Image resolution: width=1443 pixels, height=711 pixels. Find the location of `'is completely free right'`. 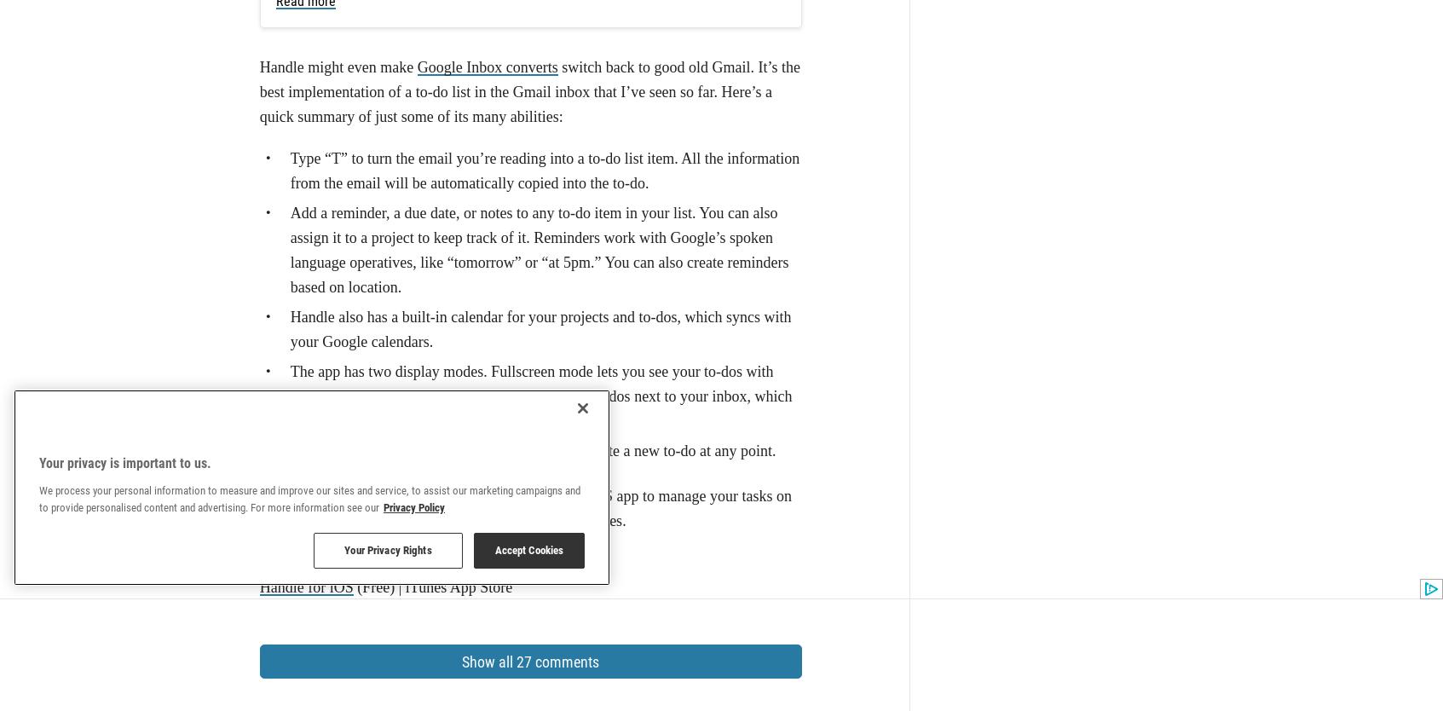

'is completely free right' is located at coordinates (303, 178).